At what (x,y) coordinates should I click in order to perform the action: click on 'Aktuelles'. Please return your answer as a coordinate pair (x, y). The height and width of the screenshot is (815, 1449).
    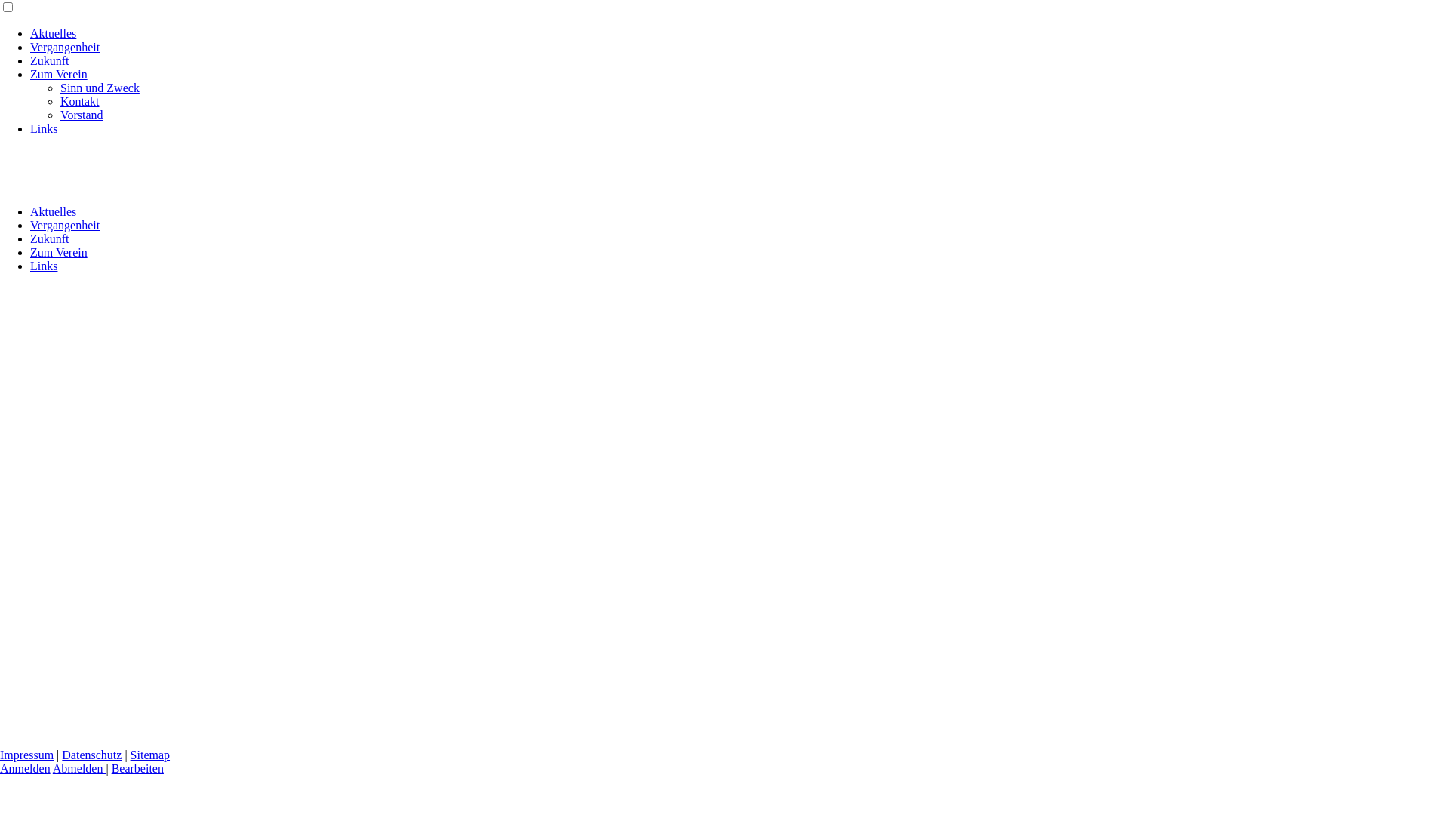
    Looking at the image, I should click on (53, 211).